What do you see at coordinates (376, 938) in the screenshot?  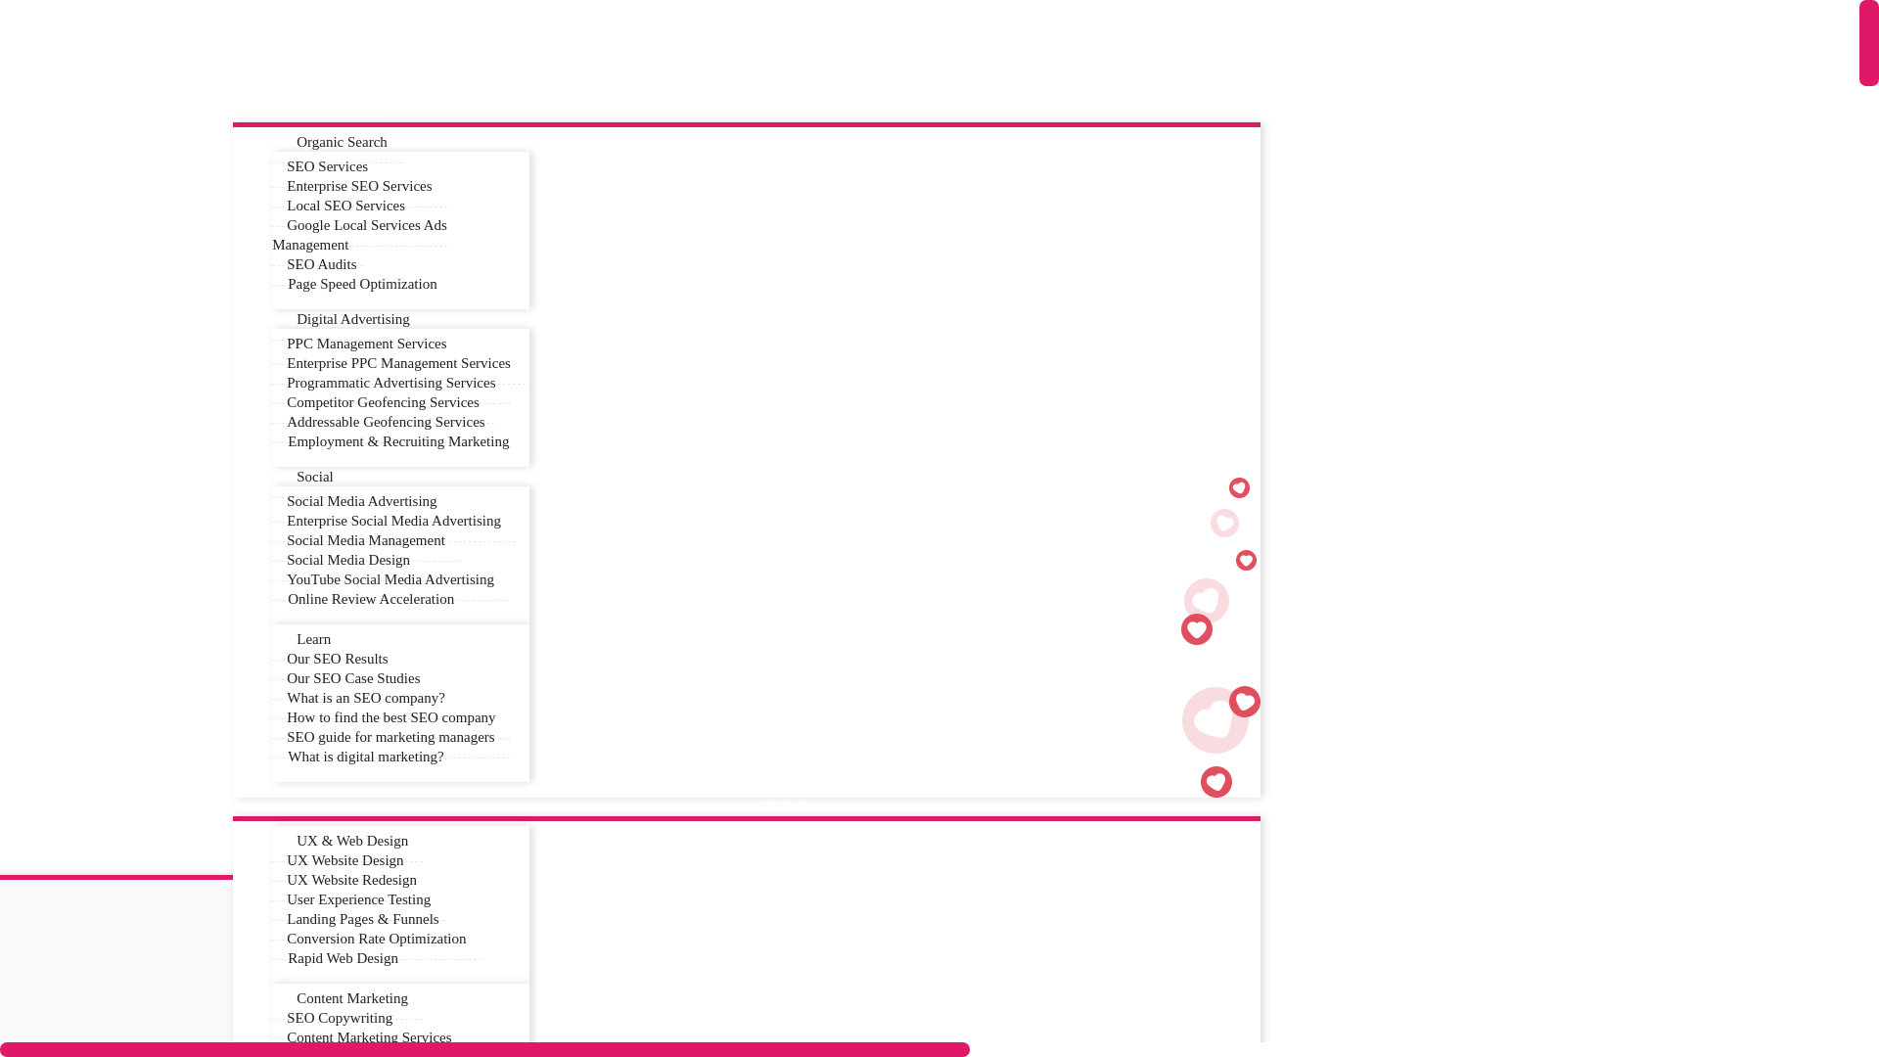 I see `'Conversion Rate Optimization'` at bounding box center [376, 938].